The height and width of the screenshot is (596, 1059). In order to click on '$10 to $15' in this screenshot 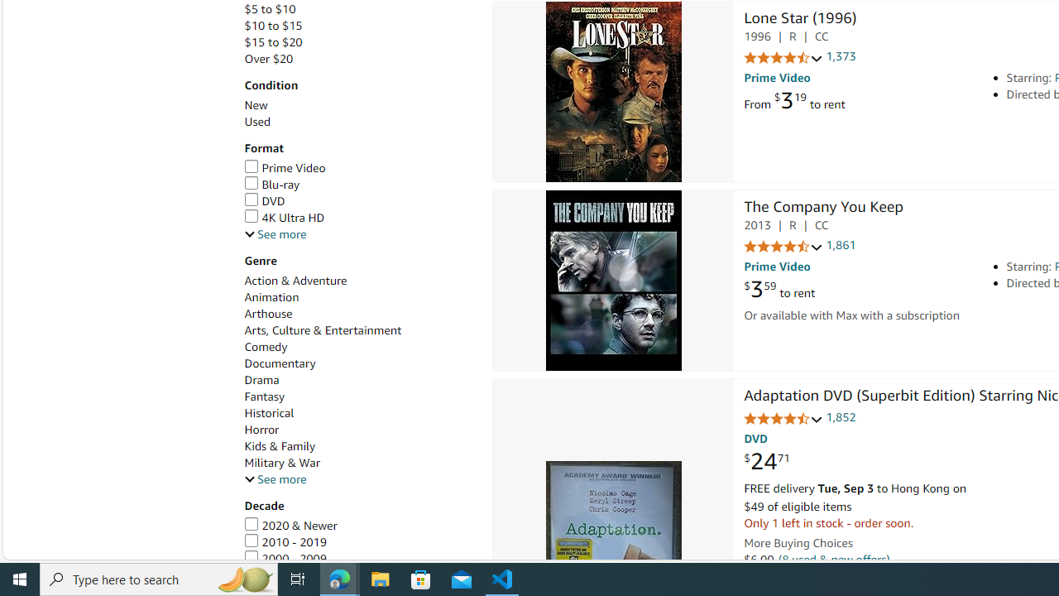, I will do `click(273, 26)`.